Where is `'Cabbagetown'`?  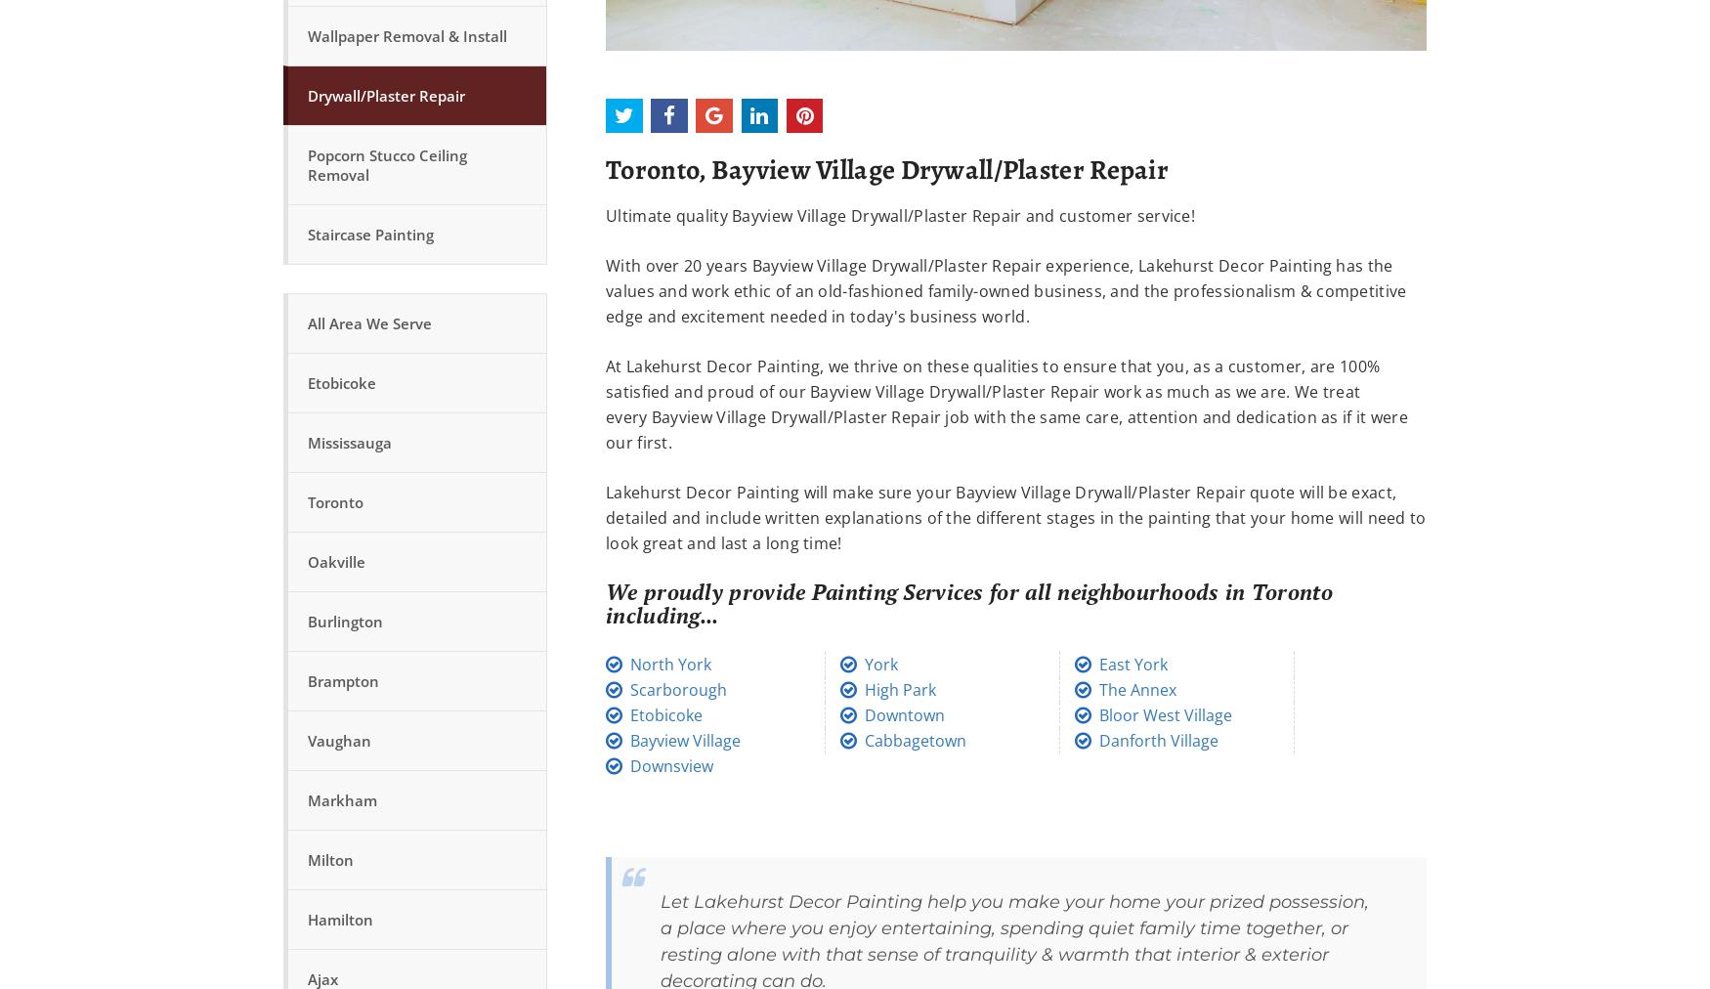 'Cabbagetown' is located at coordinates (914, 740).